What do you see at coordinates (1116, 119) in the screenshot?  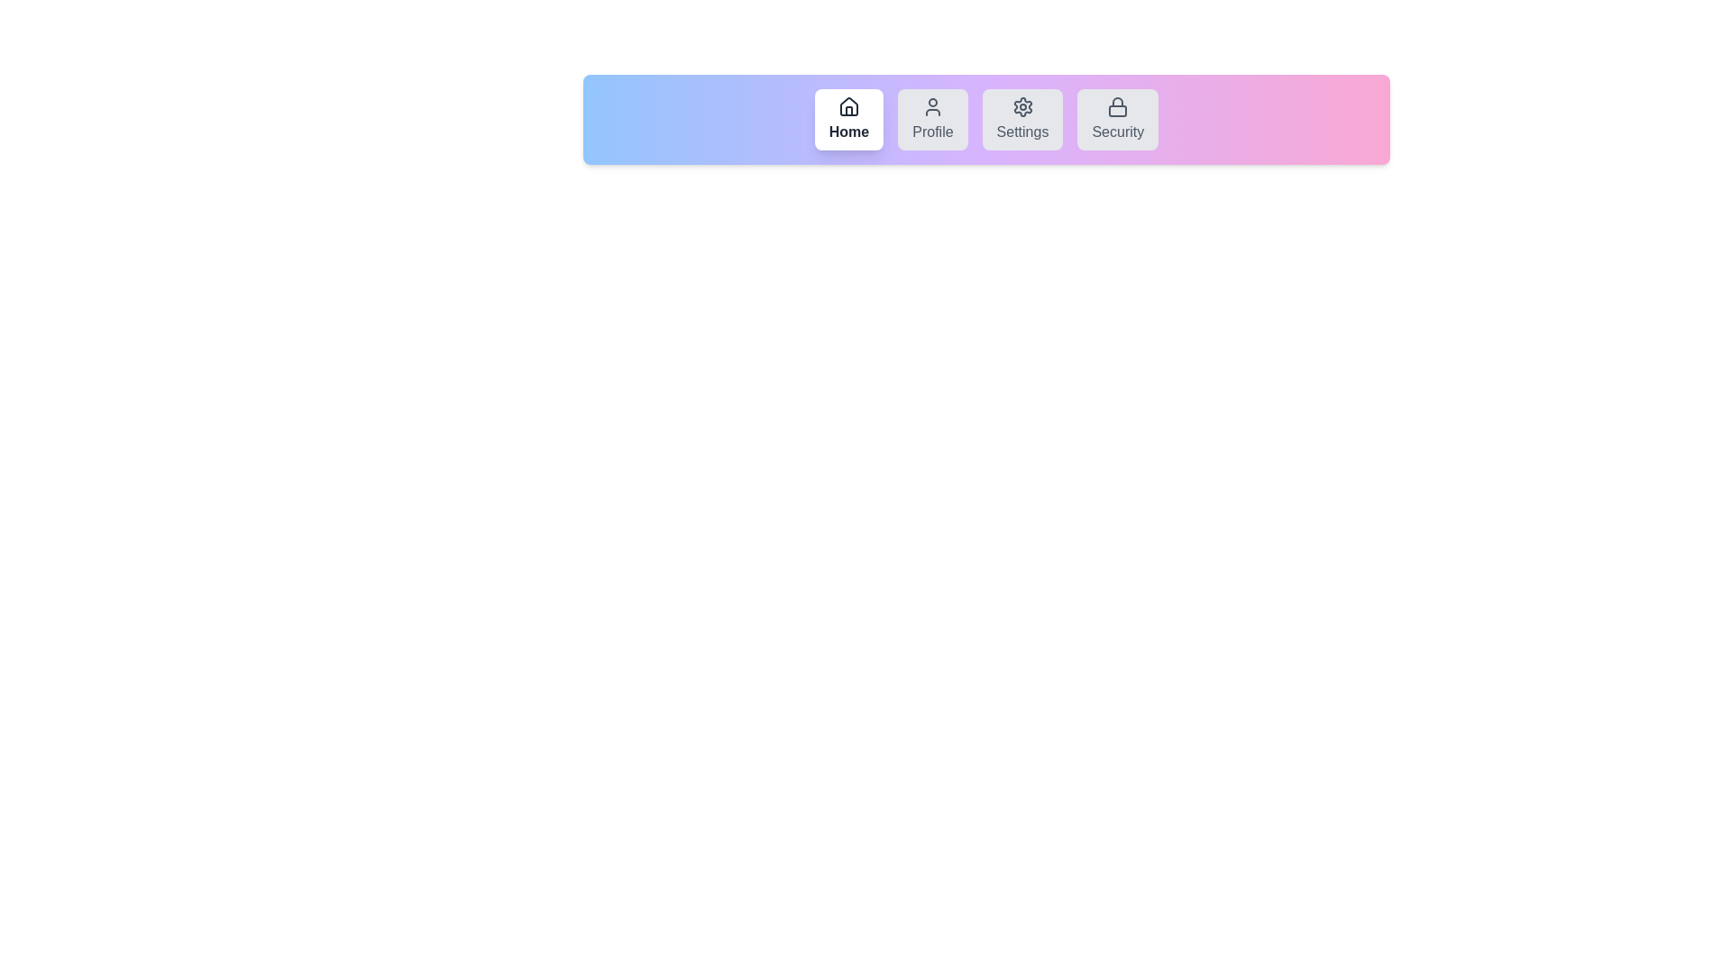 I see `the tab labeled Security by clicking on it` at bounding box center [1116, 119].